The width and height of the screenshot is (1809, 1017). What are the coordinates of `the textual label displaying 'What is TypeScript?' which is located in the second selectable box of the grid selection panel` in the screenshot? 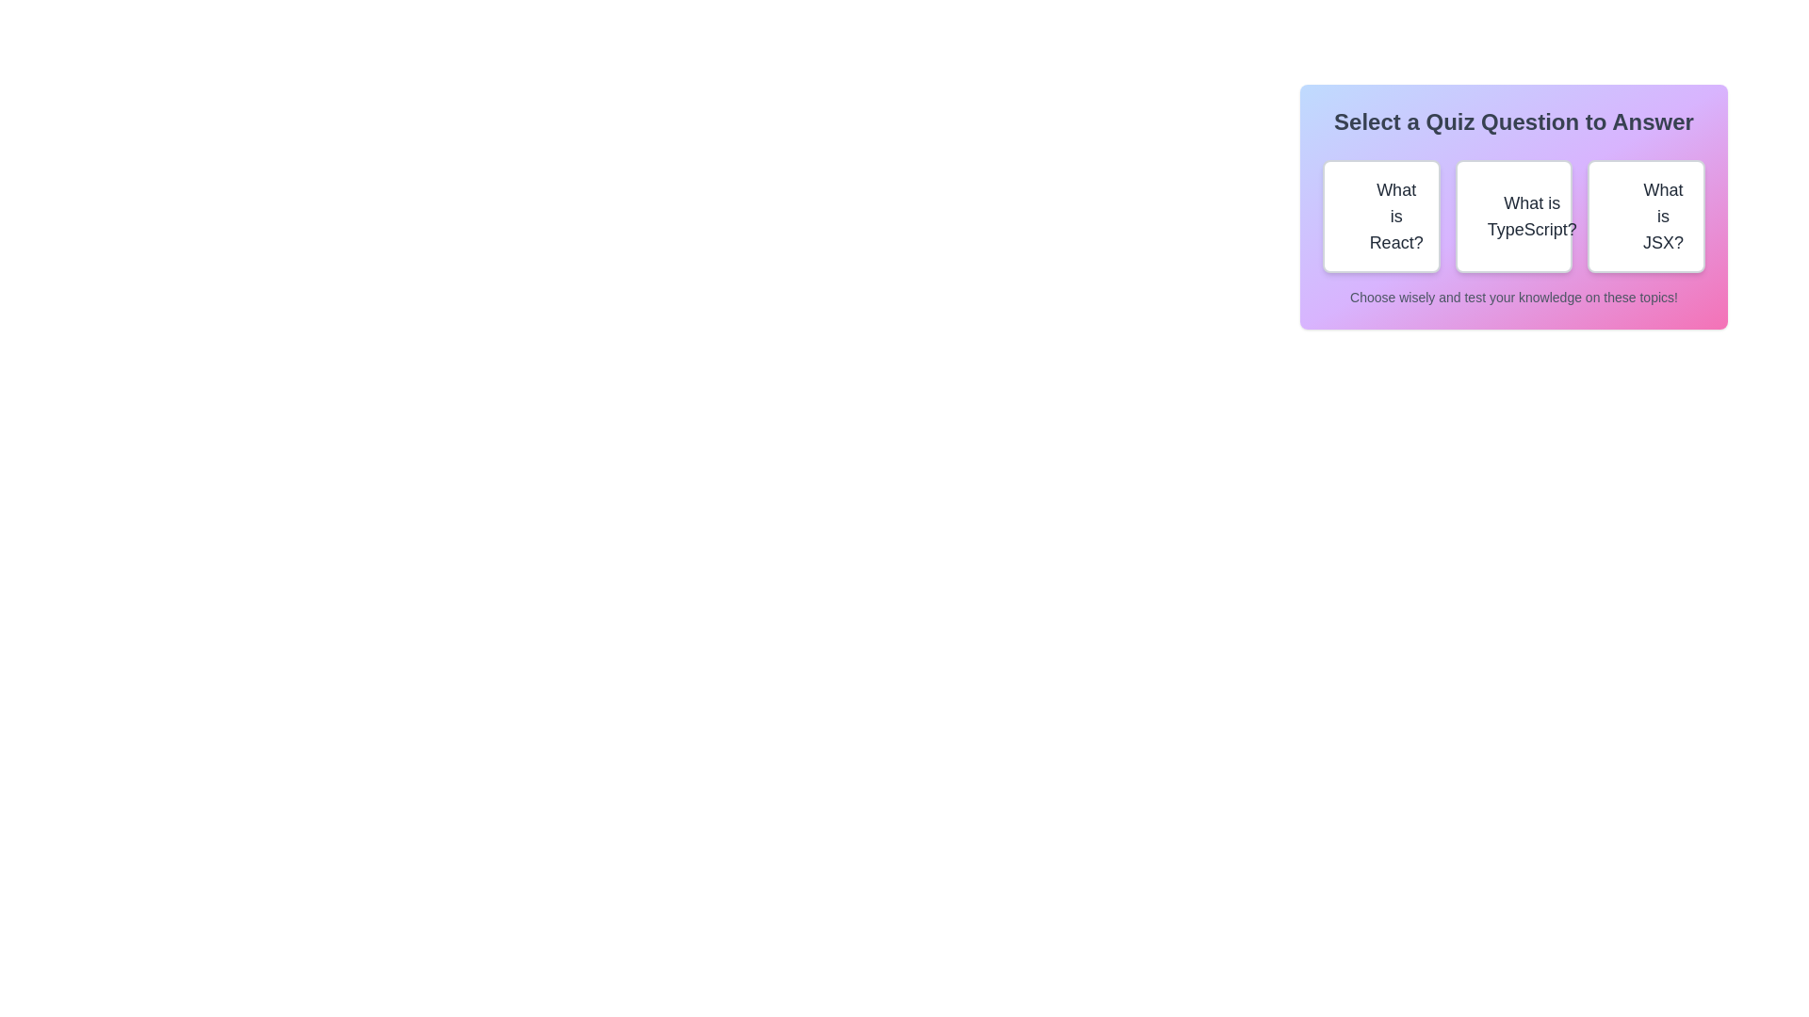 It's located at (1532, 216).